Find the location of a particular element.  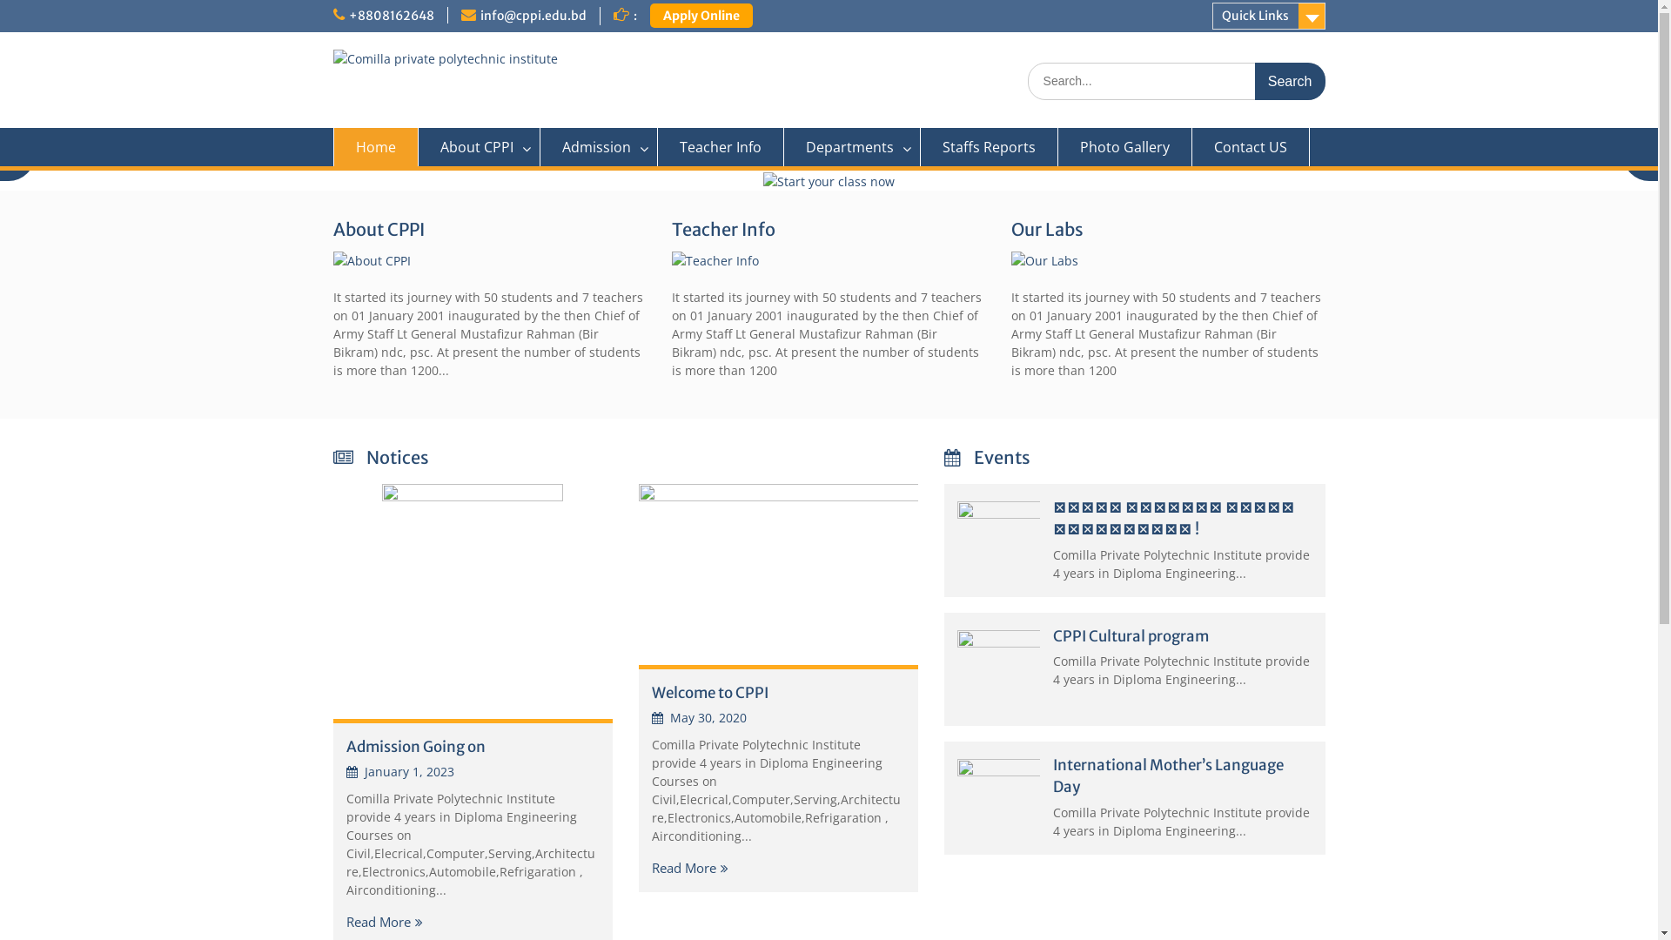

'Search' is located at coordinates (1290, 81).